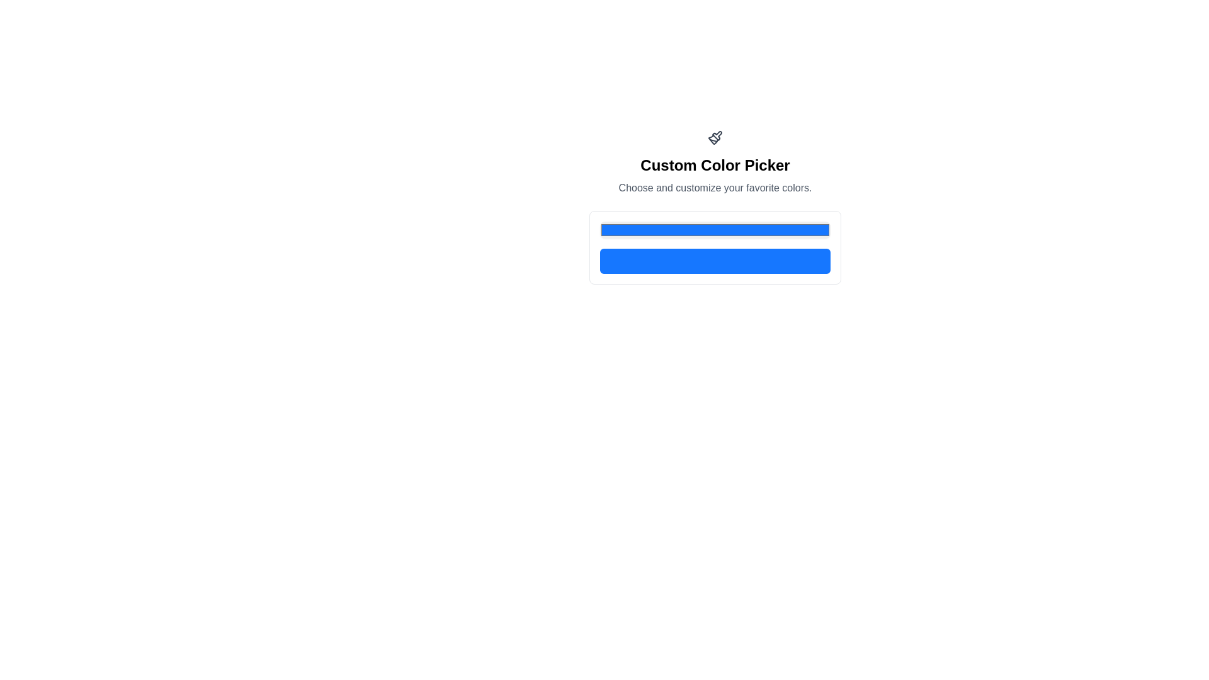 The width and height of the screenshot is (1209, 680). I want to click on the paintbrush icon, which is a minimalistic gray graphical element located above the 'Custom Color Picker' label and near the interactive blue buttons, so click(717, 135).